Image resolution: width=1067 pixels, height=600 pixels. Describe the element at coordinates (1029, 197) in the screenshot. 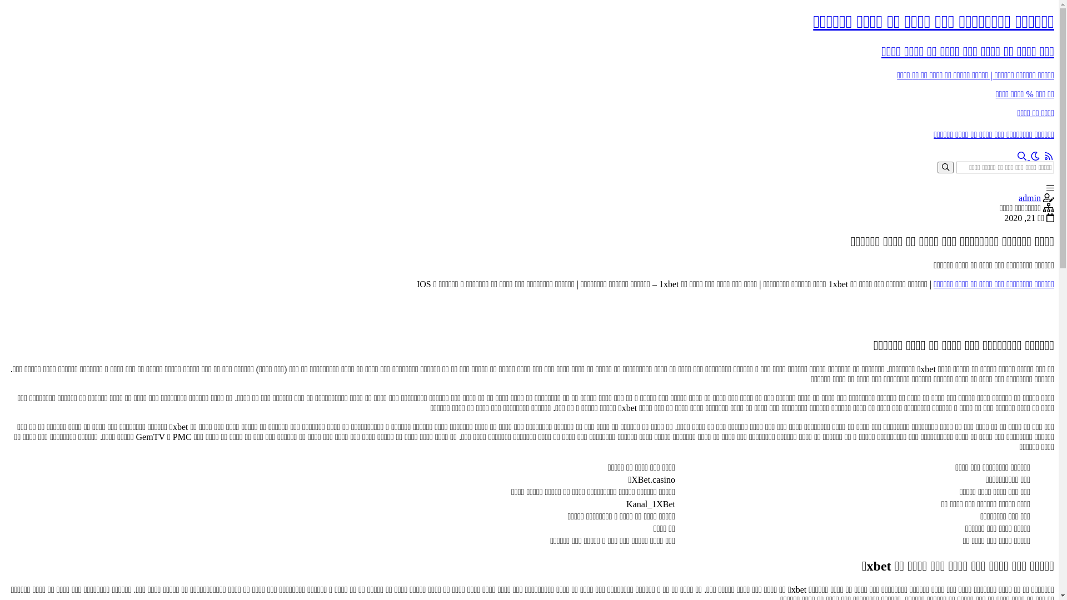

I see `'admin'` at that location.